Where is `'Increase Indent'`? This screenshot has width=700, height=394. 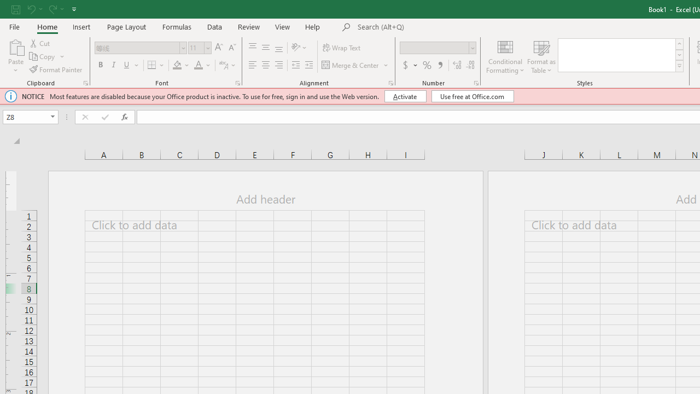
'Increase Indent' is located at coordinates (308, 65).